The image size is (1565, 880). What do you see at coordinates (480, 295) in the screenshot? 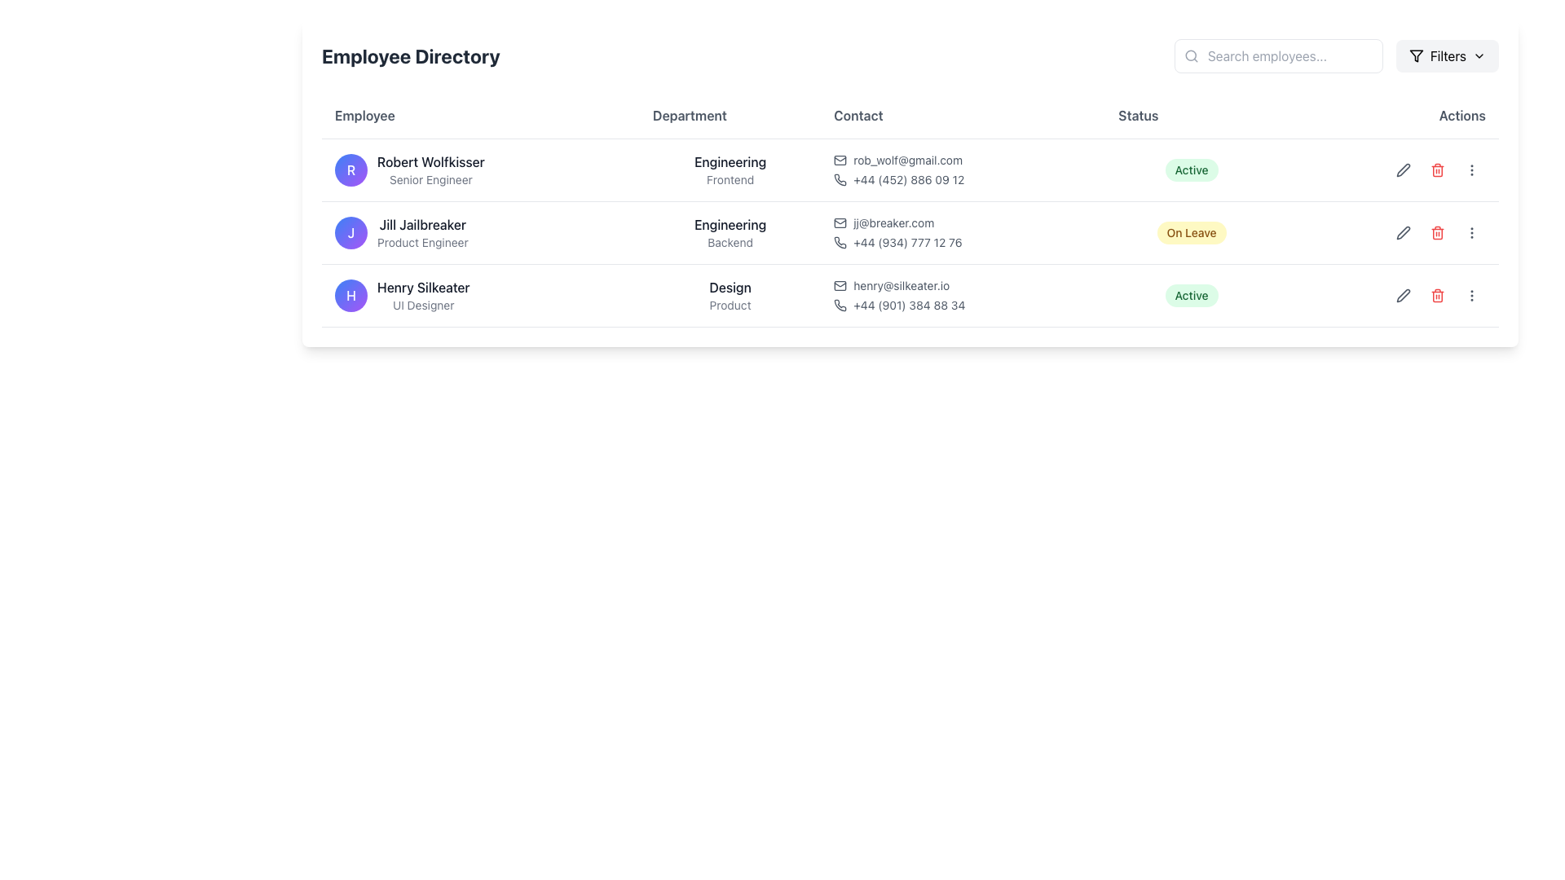
I see `the Profile display section for employee 'Henry Silkeater', which includes a circular avatar with the initial 'H' and the name displayed in bold black font` at bounding box center [480, 295].